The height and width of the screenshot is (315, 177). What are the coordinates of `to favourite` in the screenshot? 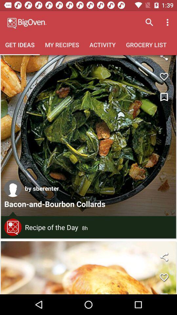 It's located at (164, 277).